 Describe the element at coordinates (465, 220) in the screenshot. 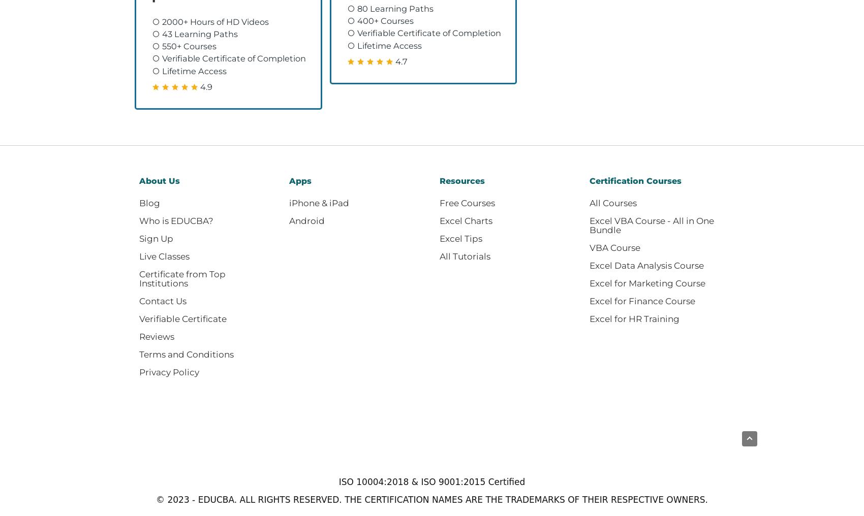

I see `'Excel Charts'` at that location.